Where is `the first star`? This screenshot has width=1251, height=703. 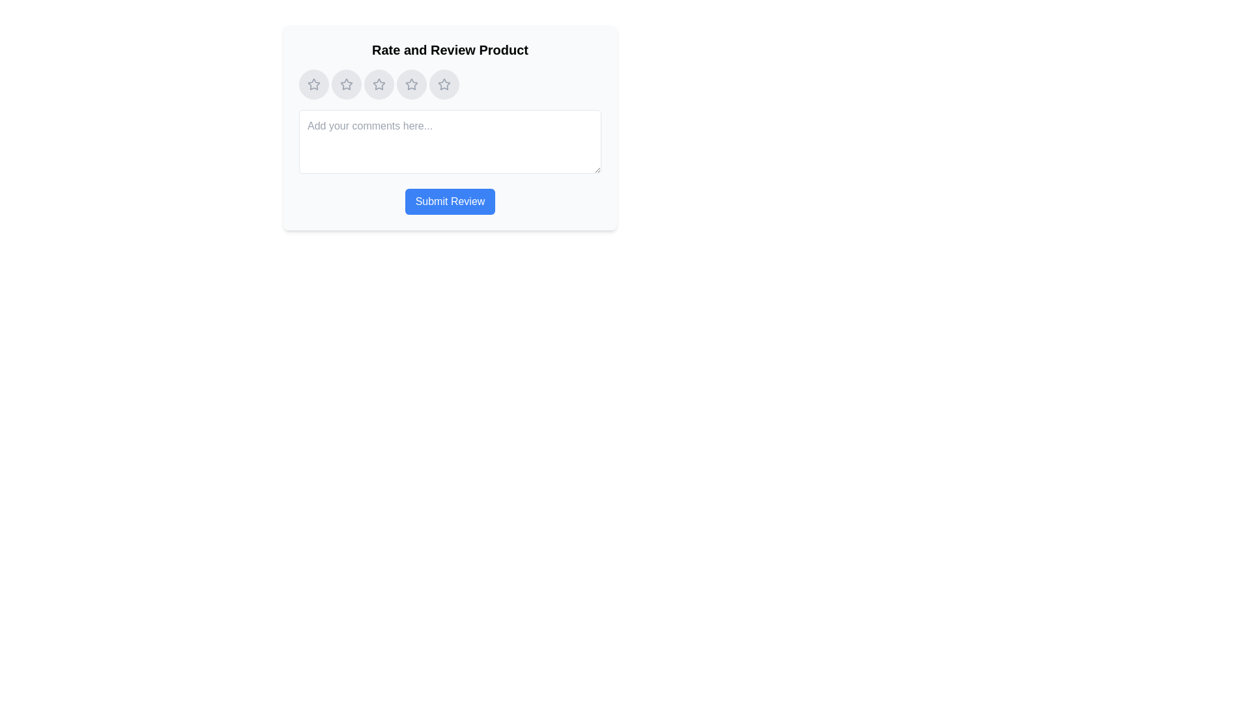
the first star is located at coordinates (313, 85).